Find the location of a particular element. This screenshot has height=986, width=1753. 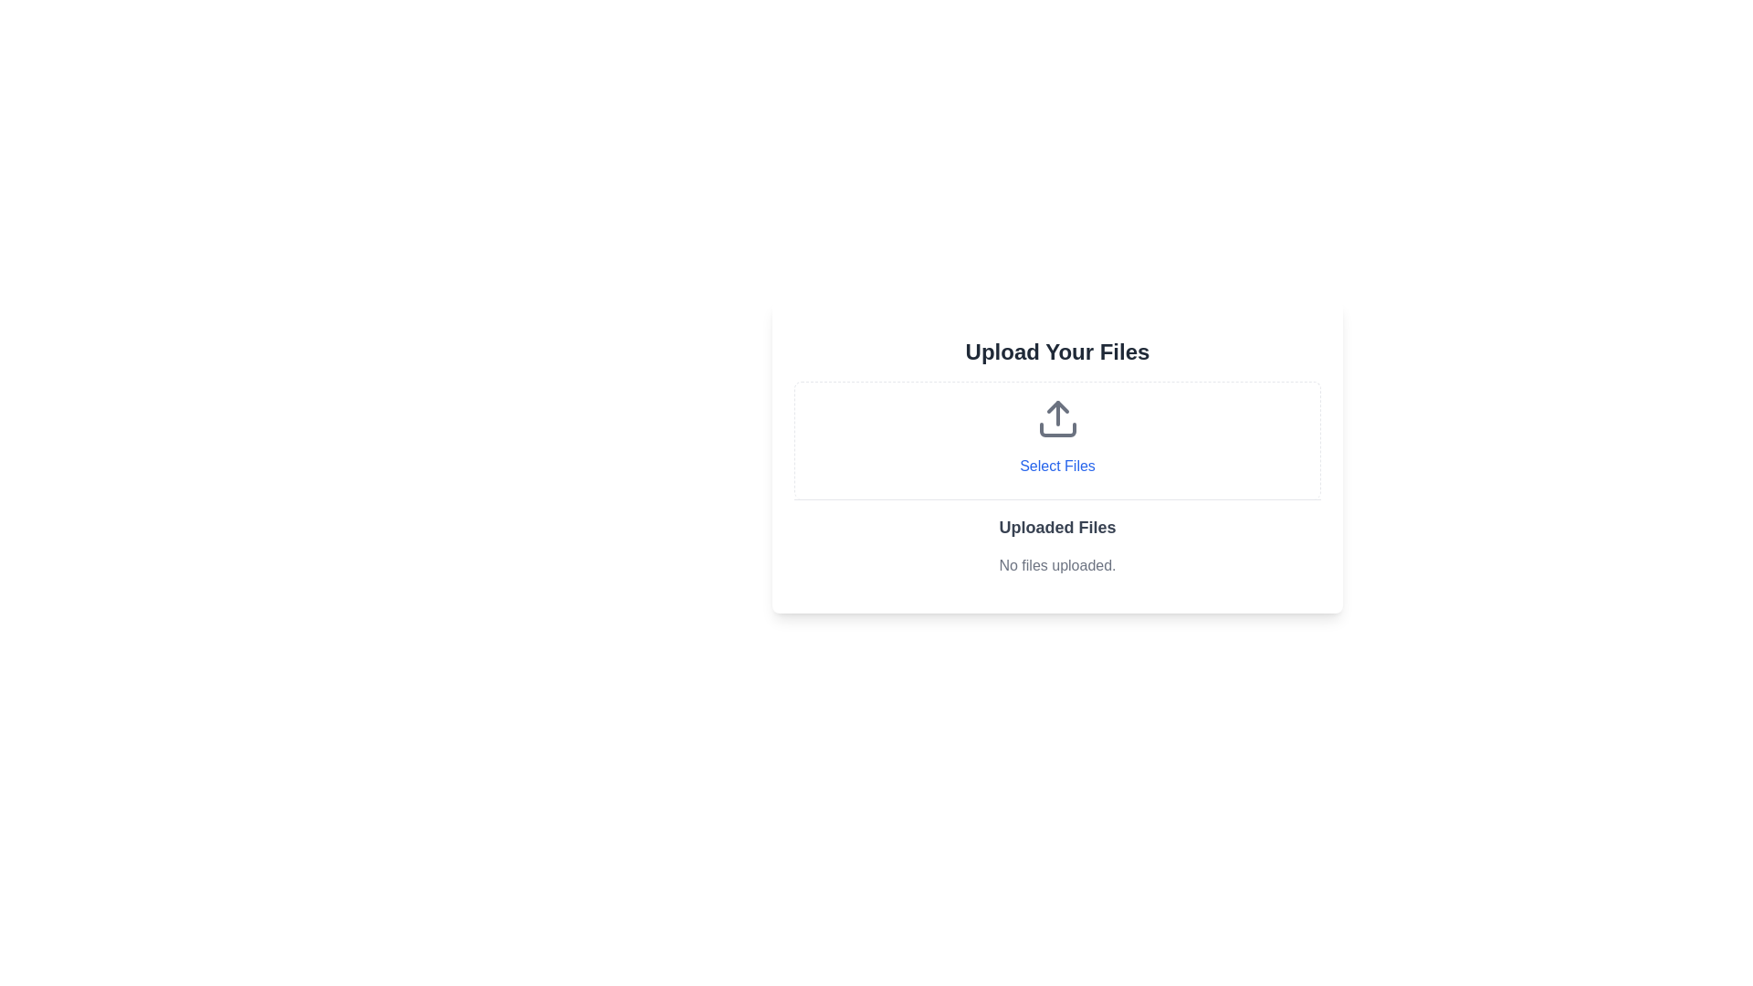

the clickable button for file selection, which is centrally positioned below the heading 'Upload Your Files' and above 'Uploaded Files' is located at coordinates (1057, 440).